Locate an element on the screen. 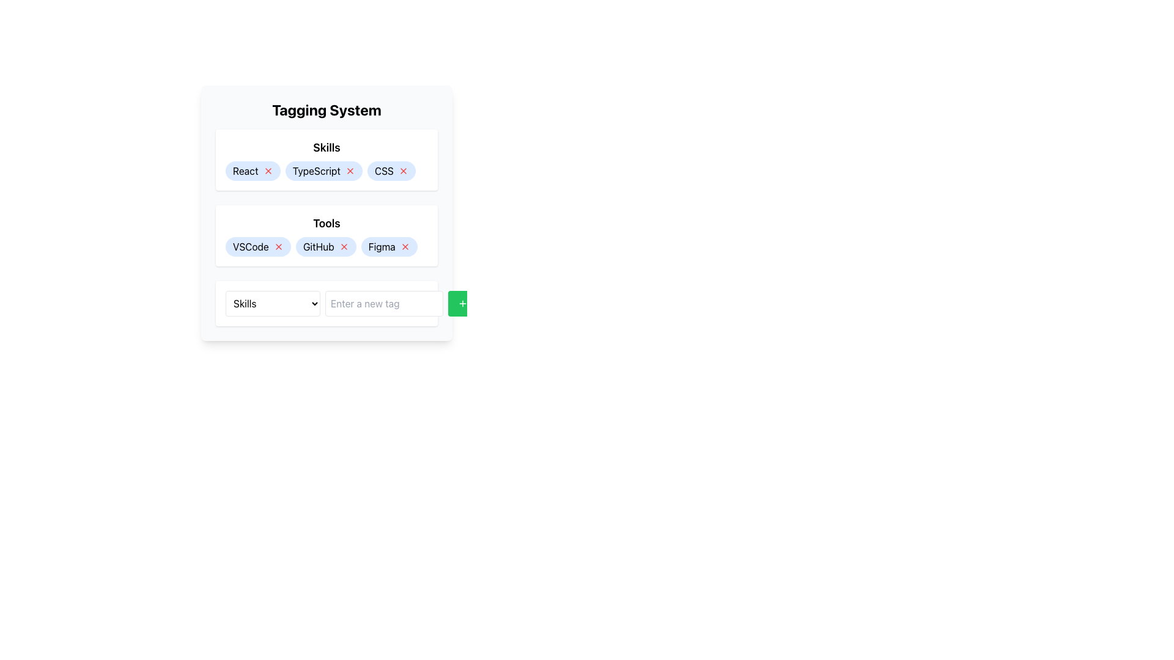  the green button used for adding new tags or items, located is located at coordinates (462, 303).